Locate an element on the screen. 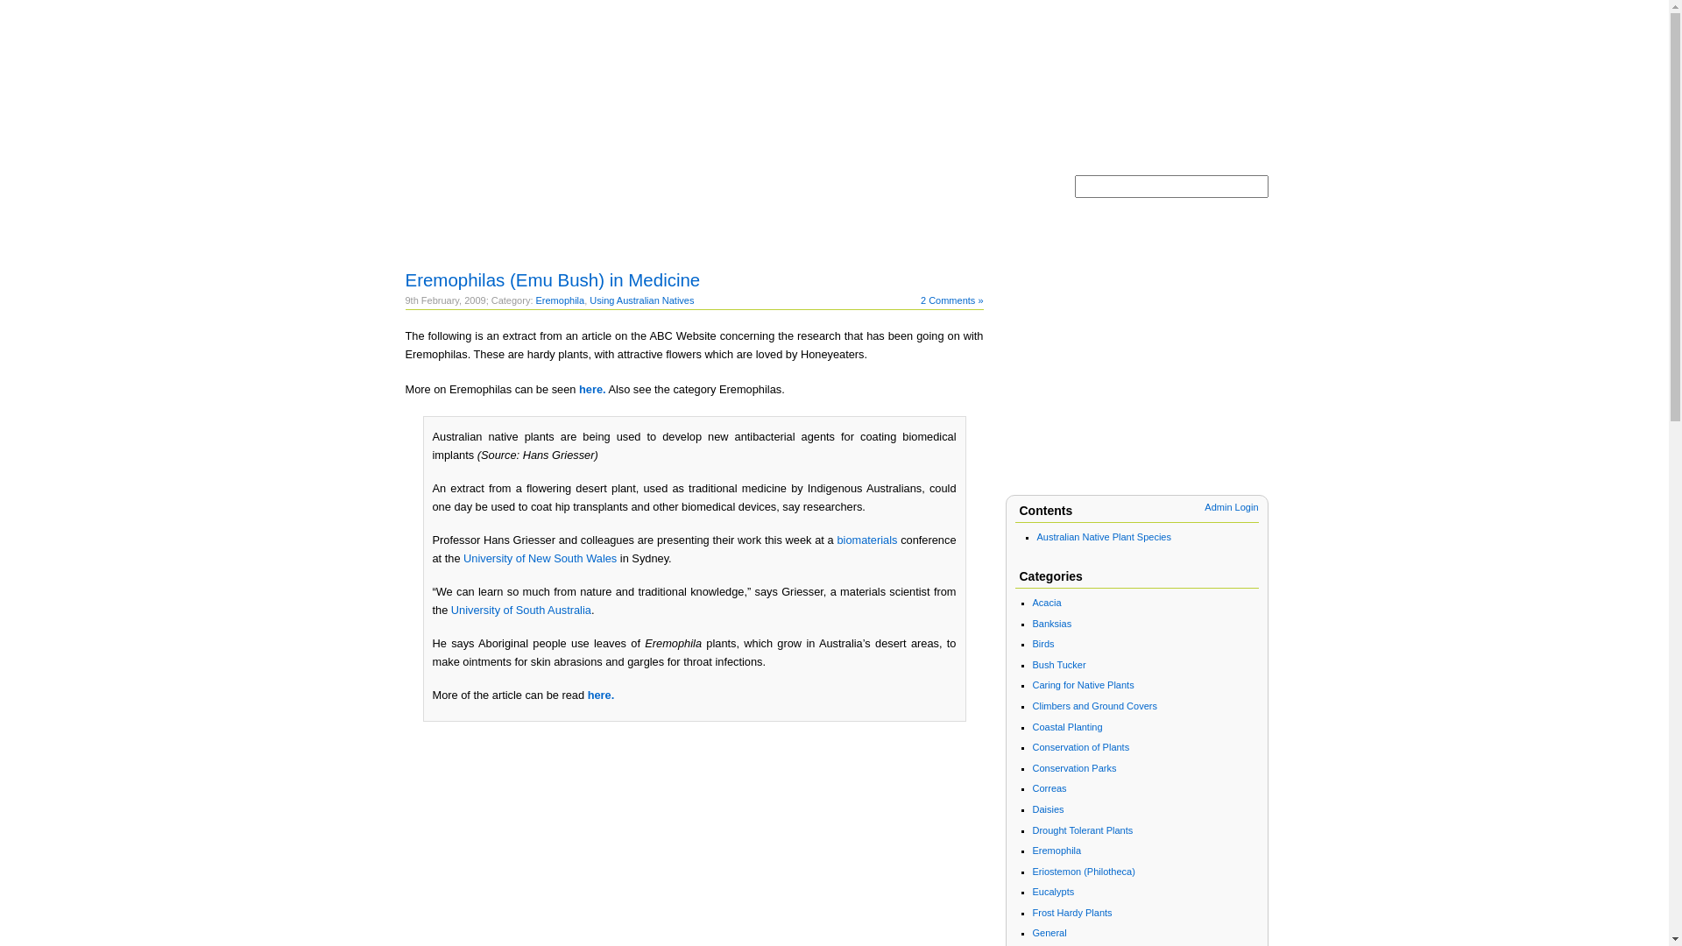  'Birds' is located at coordinates (1042, 644).